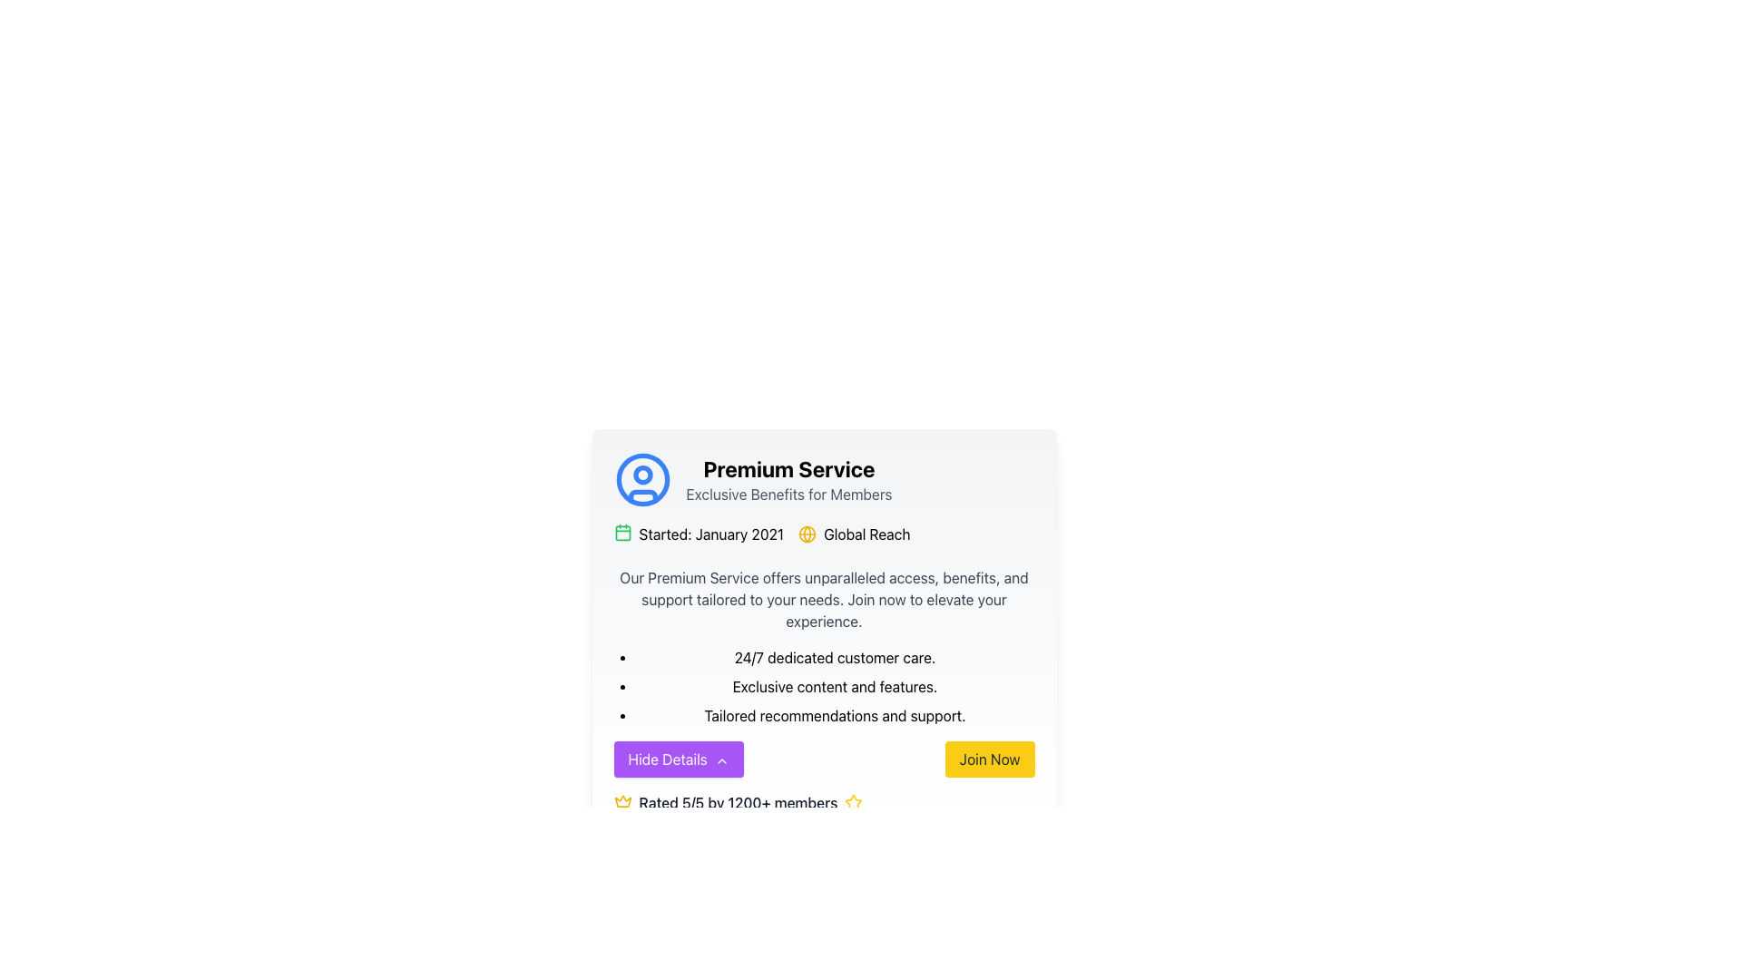  What do you see at coordinates (866, 534) in the screenshot?
I see `text of the label indicating 'Global Reach', which is positioned to the right of a globe icon in the top-right section of the content panel` at bounding box center [866, 534].